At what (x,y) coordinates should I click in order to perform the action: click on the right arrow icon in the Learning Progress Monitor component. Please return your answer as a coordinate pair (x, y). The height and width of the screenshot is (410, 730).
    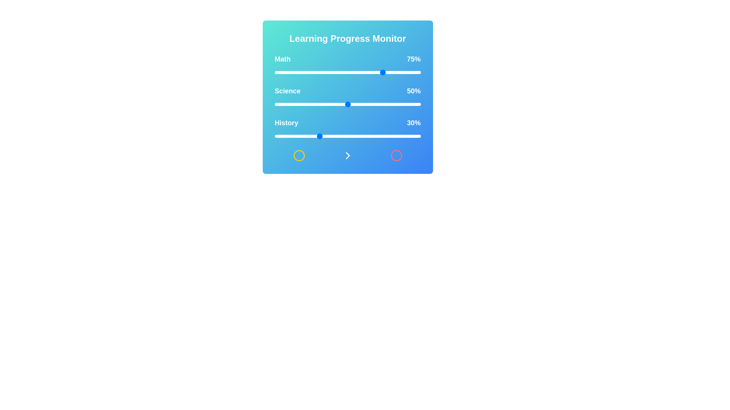
    Looking at the image, I should click on (347, 155).